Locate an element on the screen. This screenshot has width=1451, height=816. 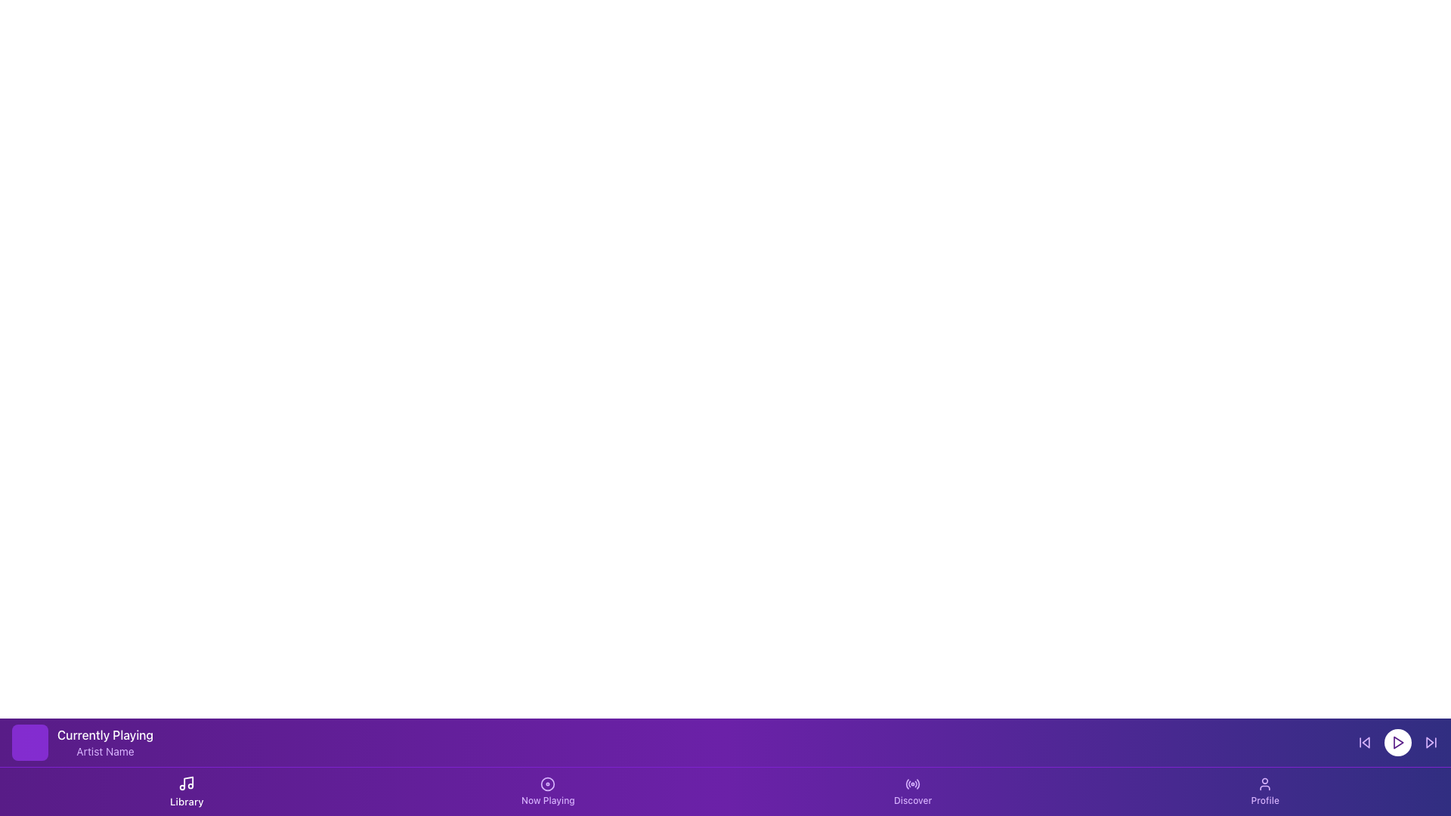
the 'Library' navigation button, which features a musical note icon and white text on a purple background is located at coordinates (186, 791).